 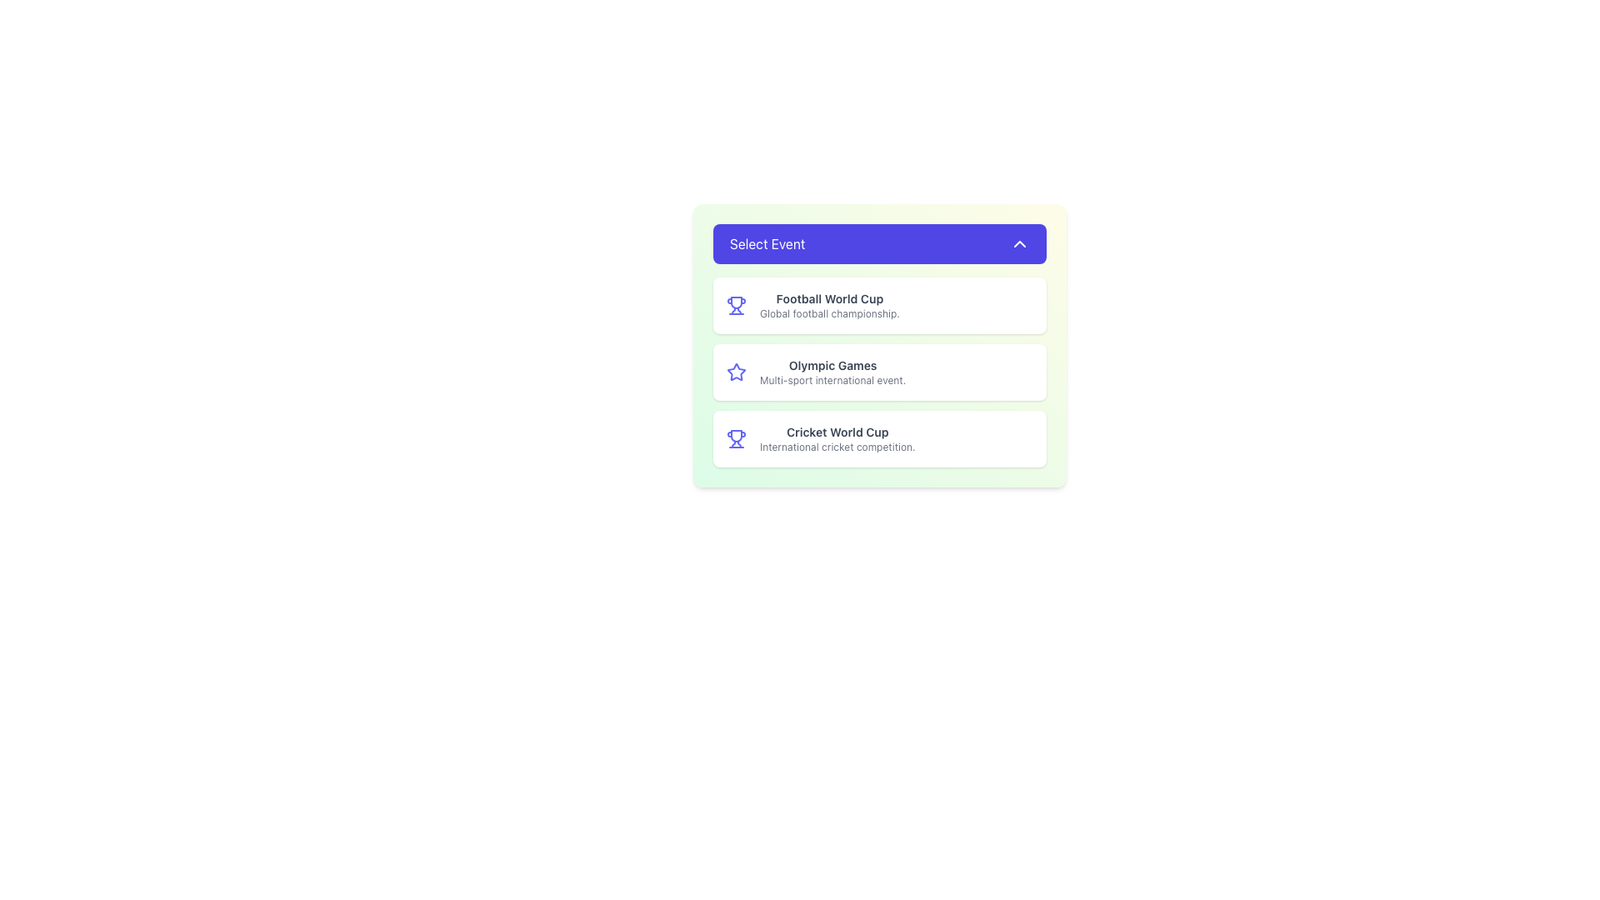 I want to click on the highlighted event option labeled 'Olympic Games' with the subtitle 'Multi-sport international event.', so click(x=879, y=345).